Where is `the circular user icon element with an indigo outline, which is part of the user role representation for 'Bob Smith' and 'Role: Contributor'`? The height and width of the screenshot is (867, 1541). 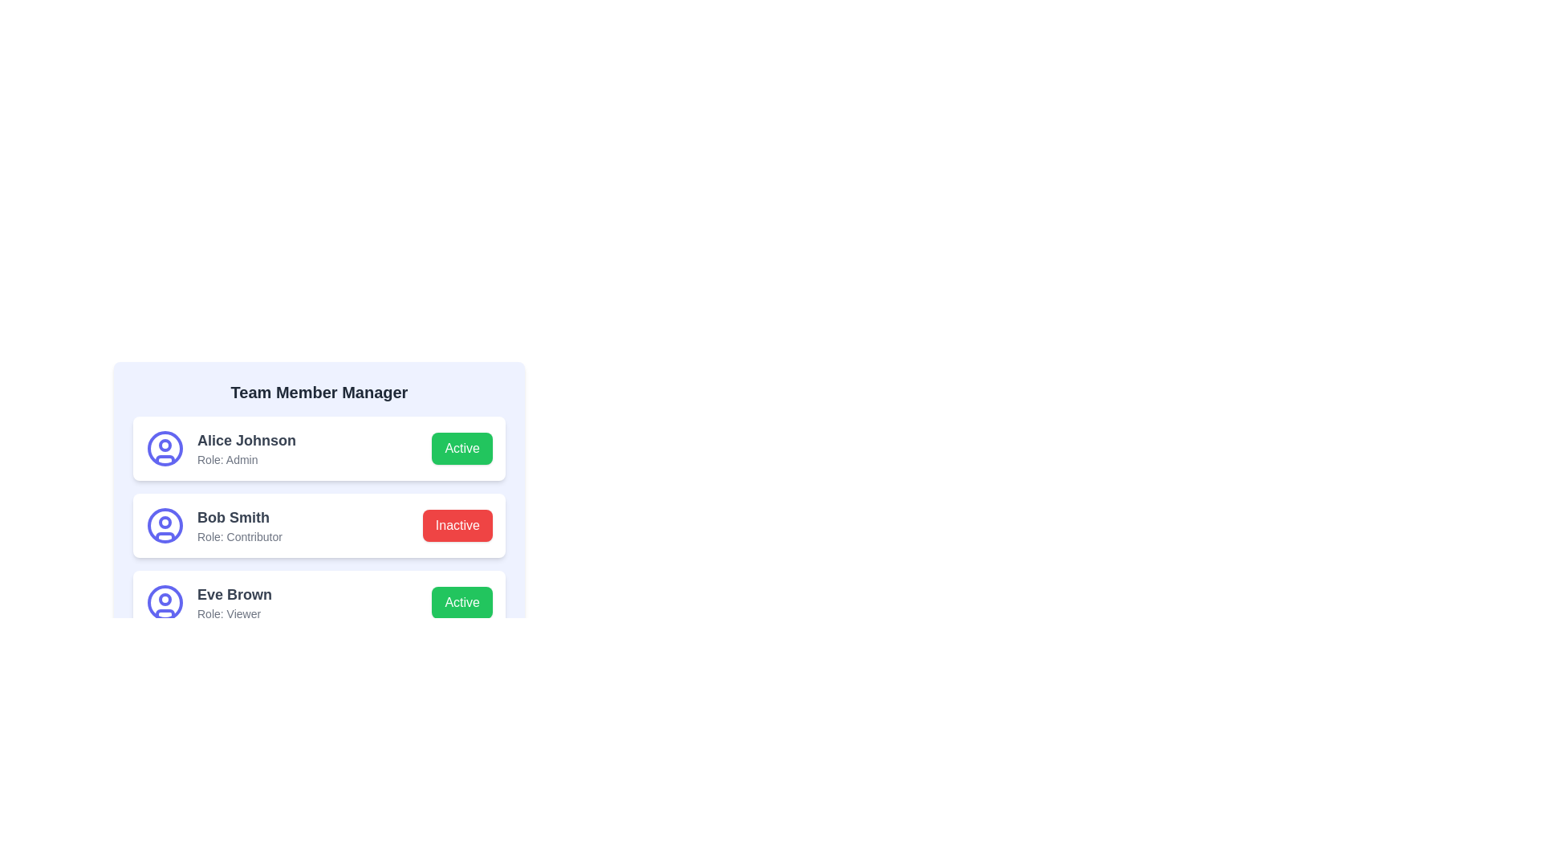 the circular user icon element with an indigo outline, which is part of the user role representation for 'Bob Smith' and 'Role: Contributor' is located at coordinates (165, 526).